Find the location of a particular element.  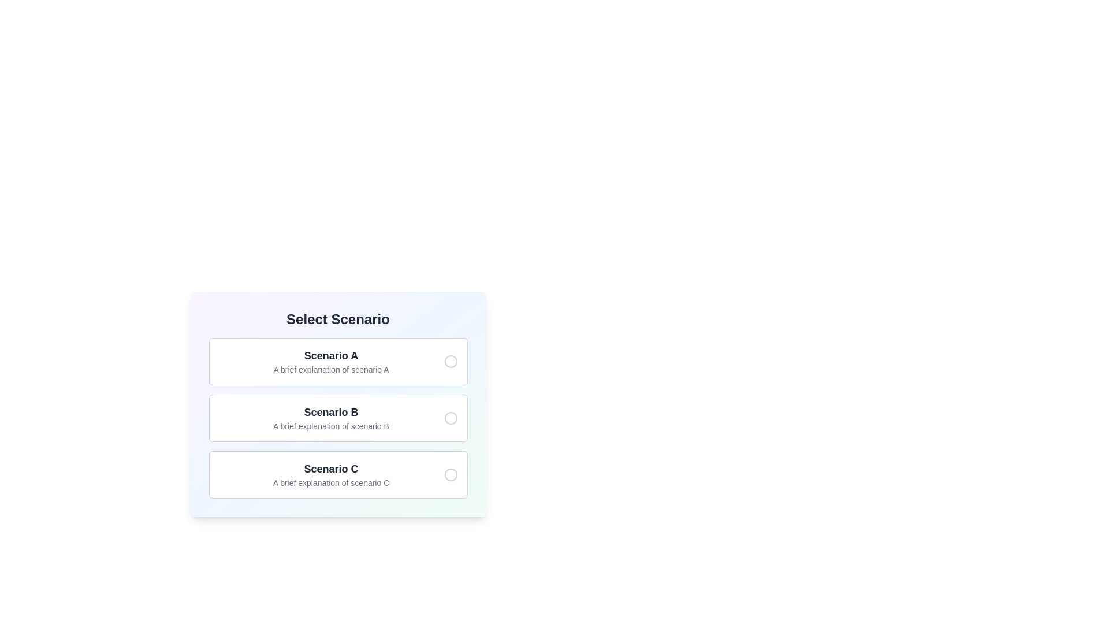

the Text Label providing supporting information for 'Scenario B', located directly below the title of 'Scenario B' is located at coordinates (330, 426).